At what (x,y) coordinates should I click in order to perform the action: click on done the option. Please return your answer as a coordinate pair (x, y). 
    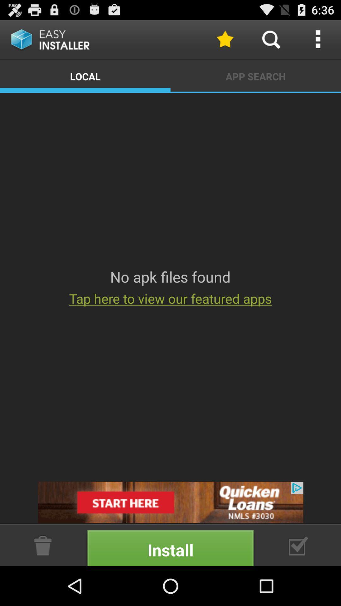
    Looking at the image, I should click on (298, 545).